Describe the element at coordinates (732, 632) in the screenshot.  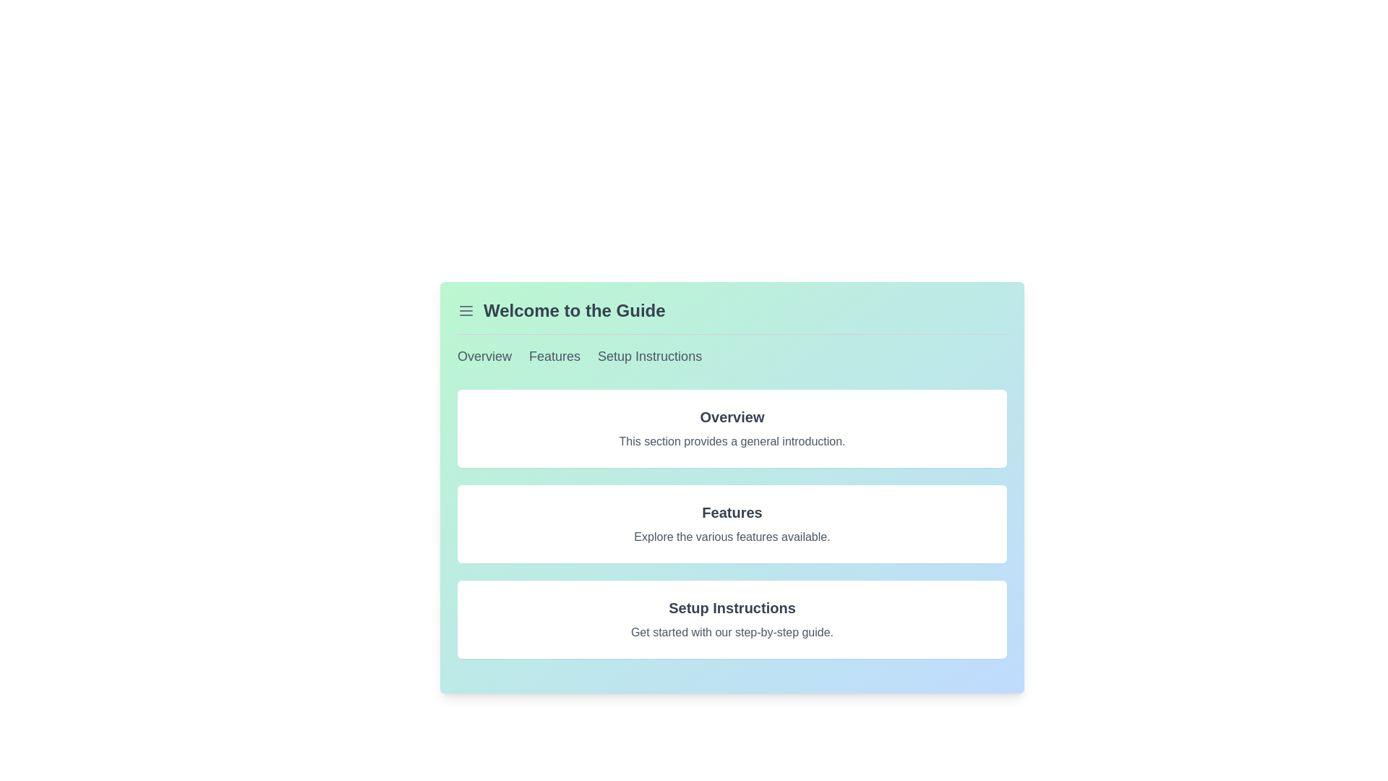
I see `the text element that says 'Get started with our step-by-step guide.' which is located below the 'Setup Instructions' title` at that location.